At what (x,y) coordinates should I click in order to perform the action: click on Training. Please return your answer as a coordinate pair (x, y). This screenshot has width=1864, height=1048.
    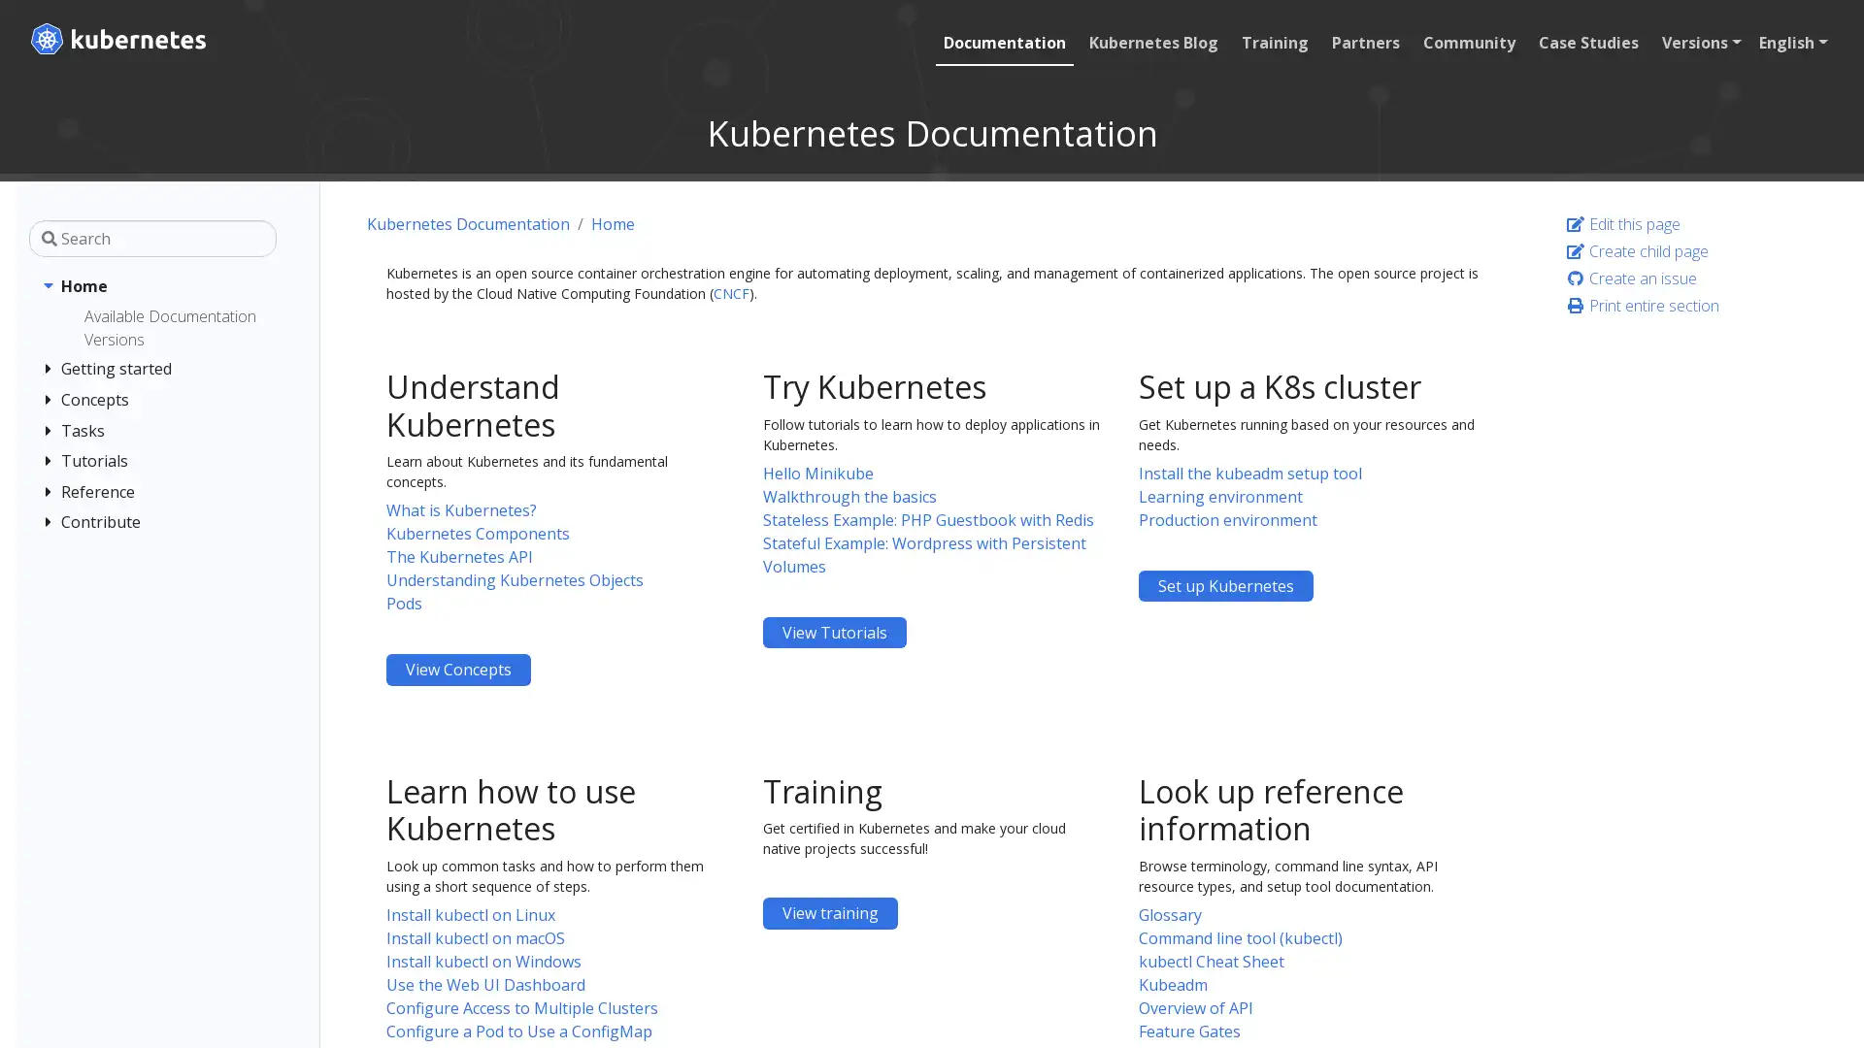
    Looking at the image, I should click on (829, 913).